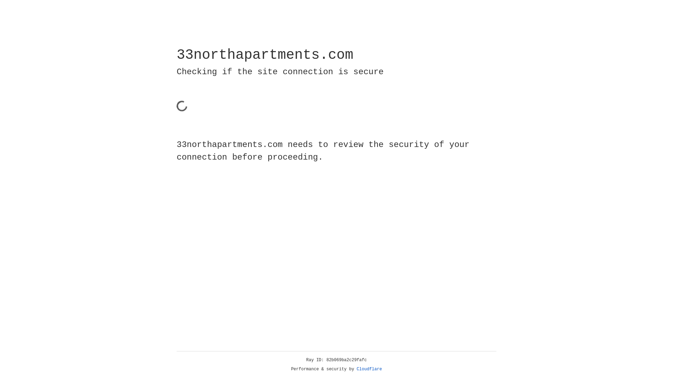 The image size is (673, 378). Describe the element at coordinates (369, 369) in the screenshot. I see `'Cloudflare'` at that location.